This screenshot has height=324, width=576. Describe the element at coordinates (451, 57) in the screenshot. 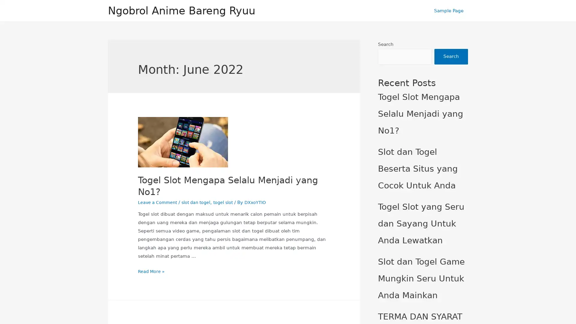

I see `Search` at that location.